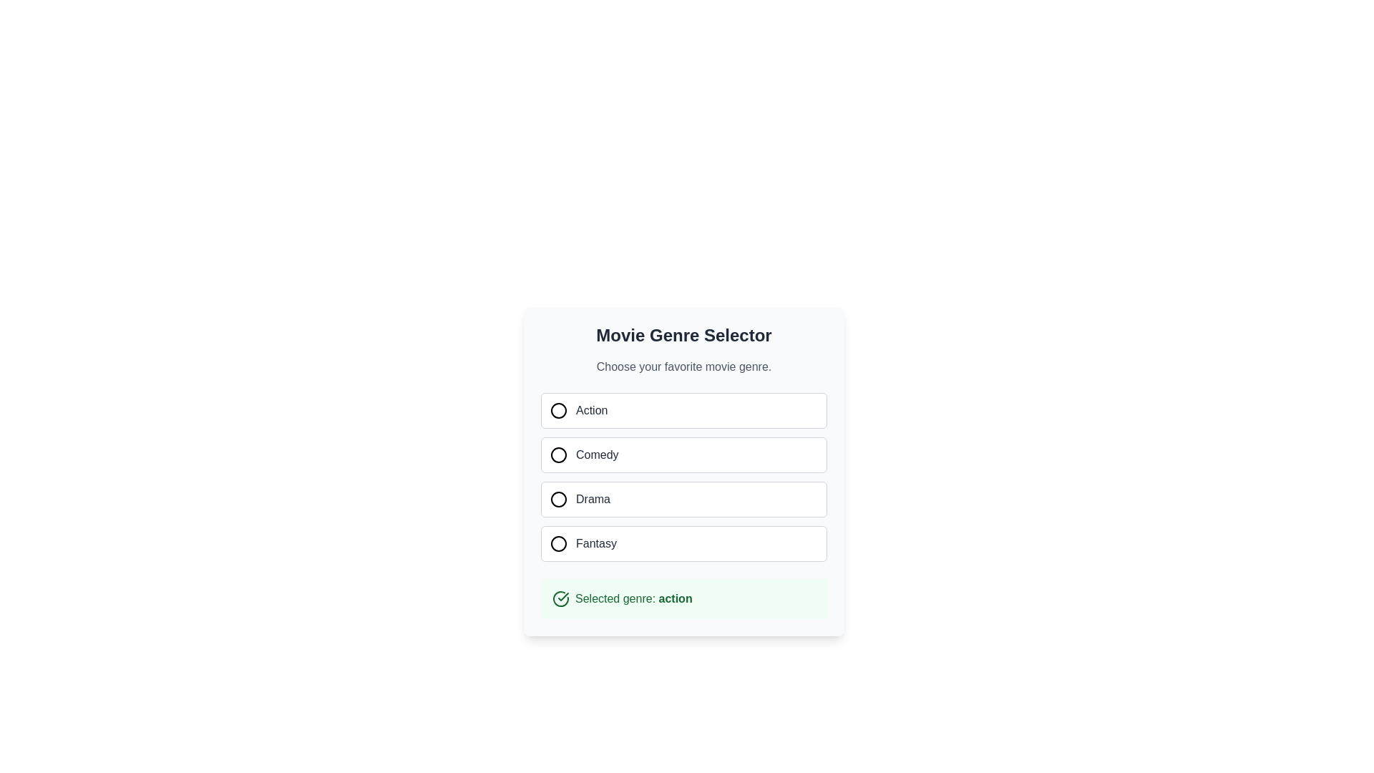  What do you see at coordinates (596, 543) in the screenshot?
I see `text label indicating the 'Fantasy' genre selection option, which is the fourth item in the list adjacent to its corresponding radio button` at bounding box center [596, 543].